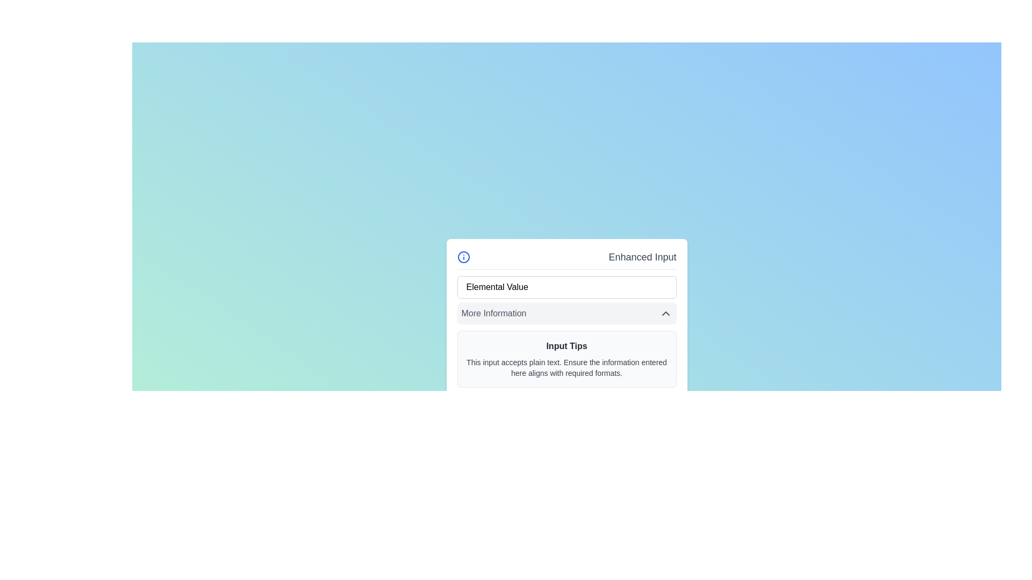 This screenshot has width=1032, height=580. I want to click on the Informational Text Component titled 'Input Tips', which contains guidance on text input requirements, so click(566, 359).